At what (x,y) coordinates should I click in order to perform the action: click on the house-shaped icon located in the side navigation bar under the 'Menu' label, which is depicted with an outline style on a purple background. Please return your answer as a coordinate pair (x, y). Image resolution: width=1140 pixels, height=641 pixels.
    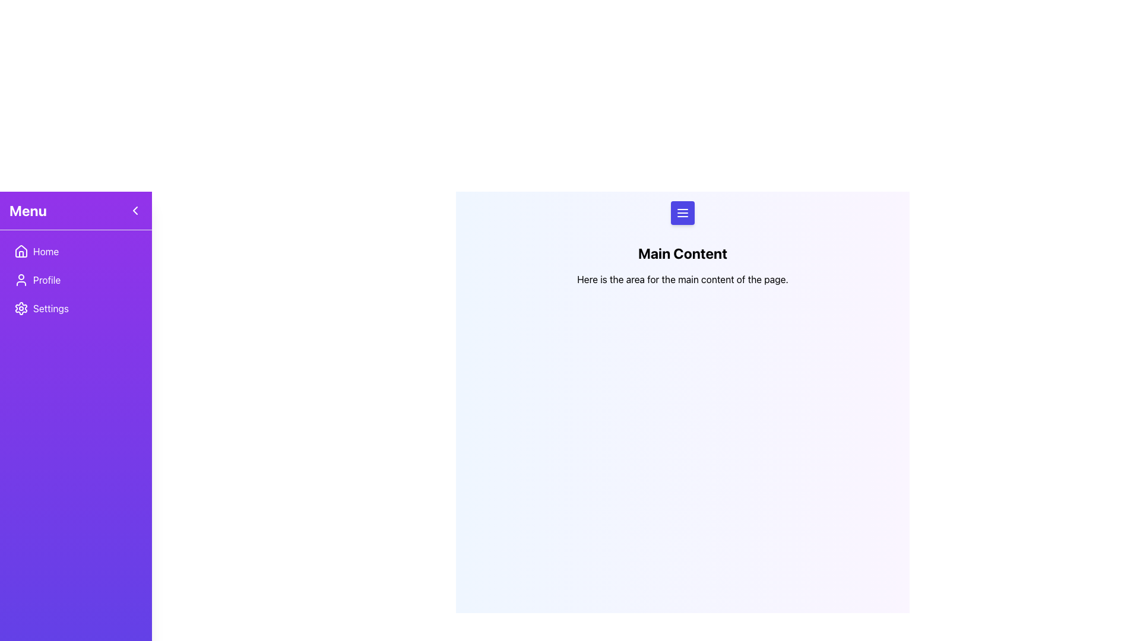
    Looking at the image, I should click on (21, 251).